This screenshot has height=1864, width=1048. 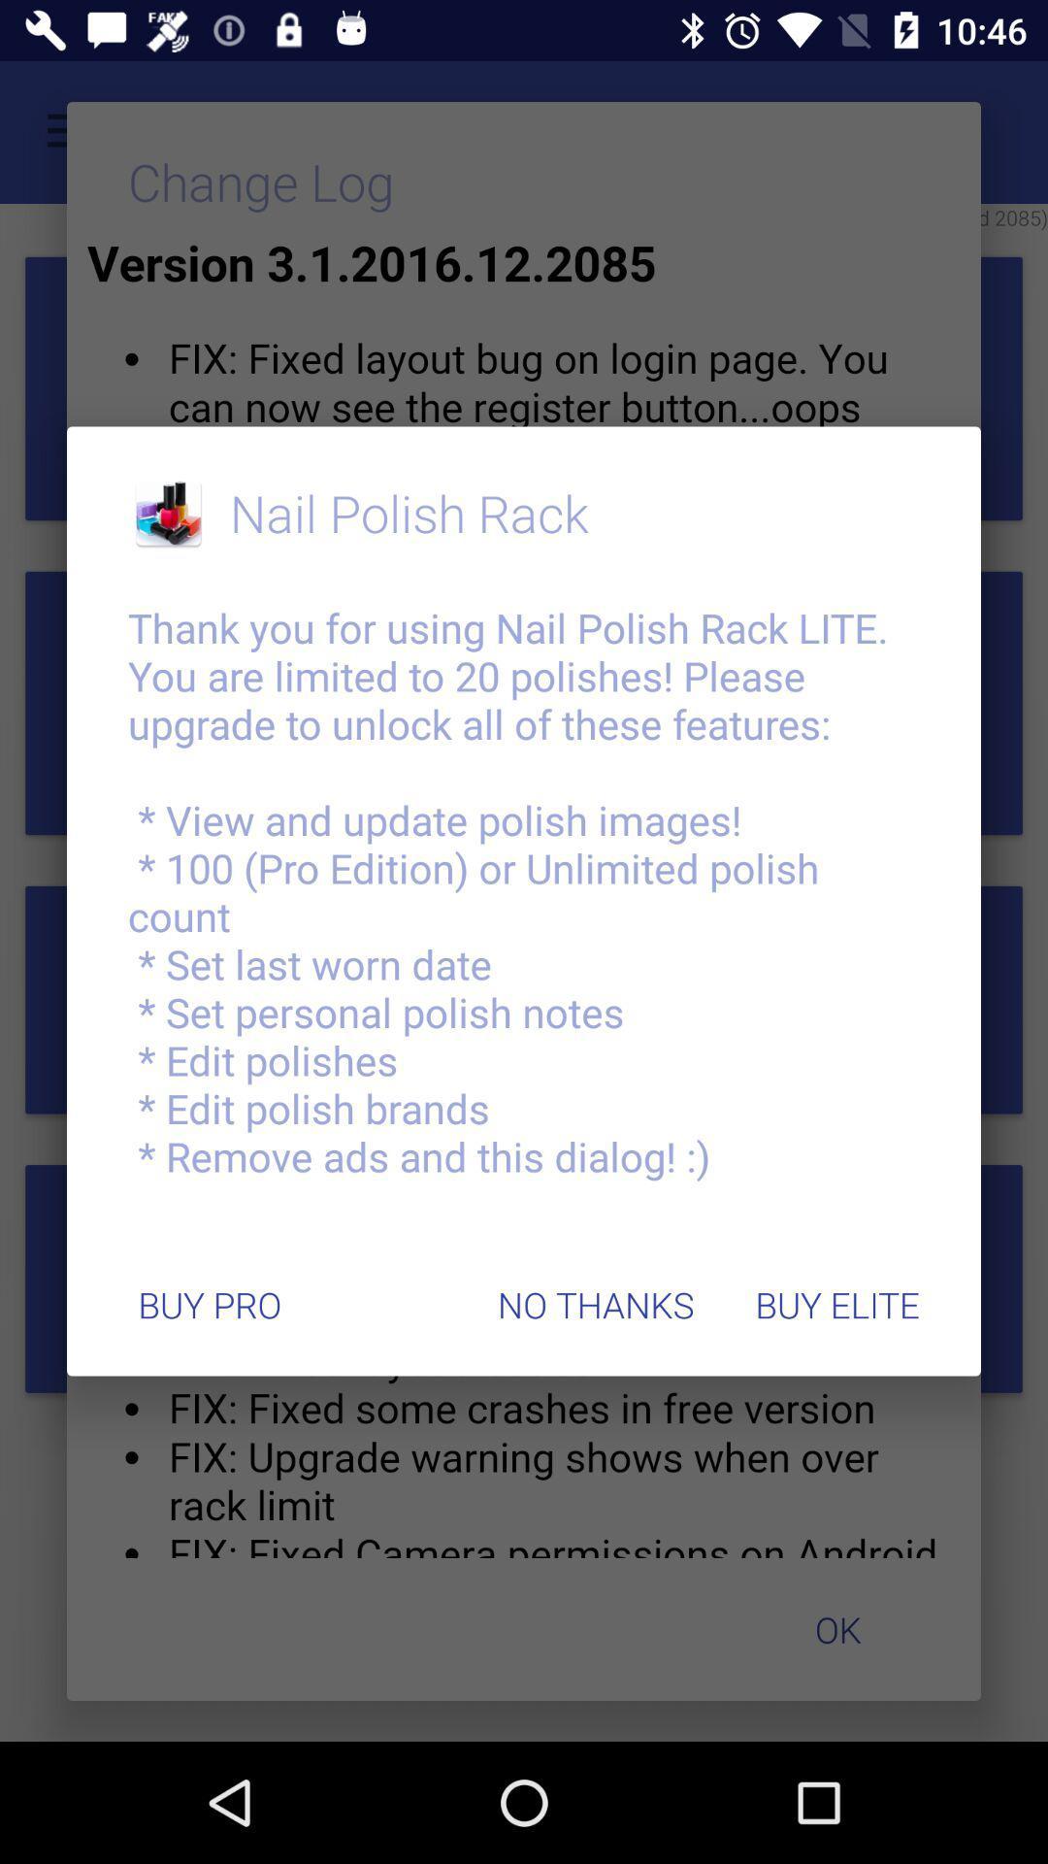 I want to click on the buy pro icon, so click(x=210, y=1305).